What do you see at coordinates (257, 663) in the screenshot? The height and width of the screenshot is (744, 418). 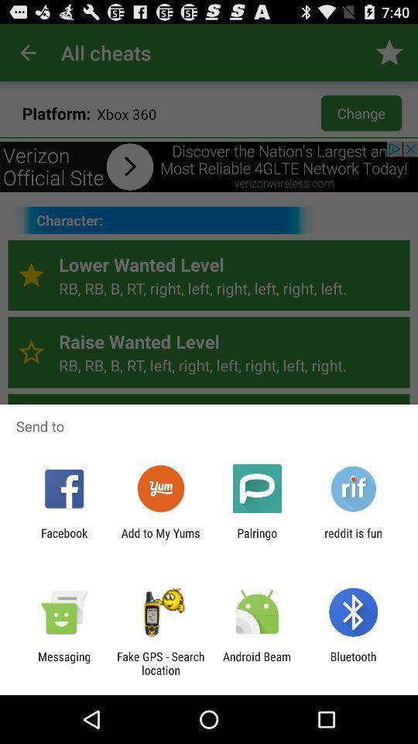 I see `item to the right of the fake gps search app` at bounding box center [257, 663].